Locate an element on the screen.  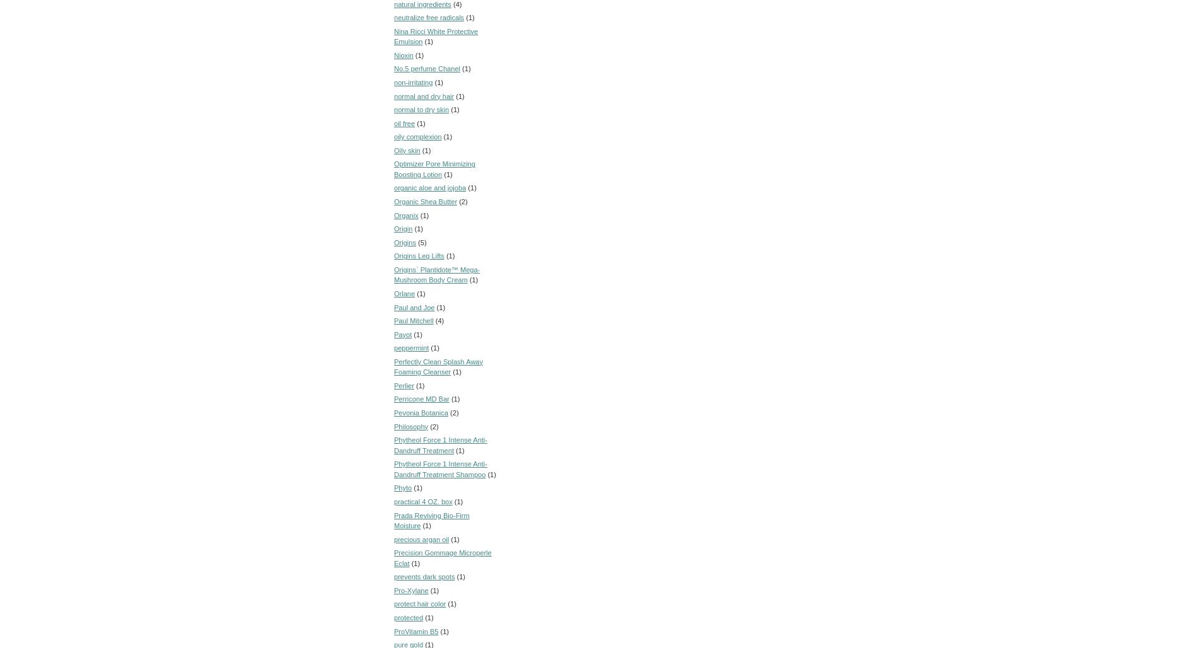
'Phytheol Force 1 Intense Anti-Dandruff Treatment' is located at coordinates (393, 445).